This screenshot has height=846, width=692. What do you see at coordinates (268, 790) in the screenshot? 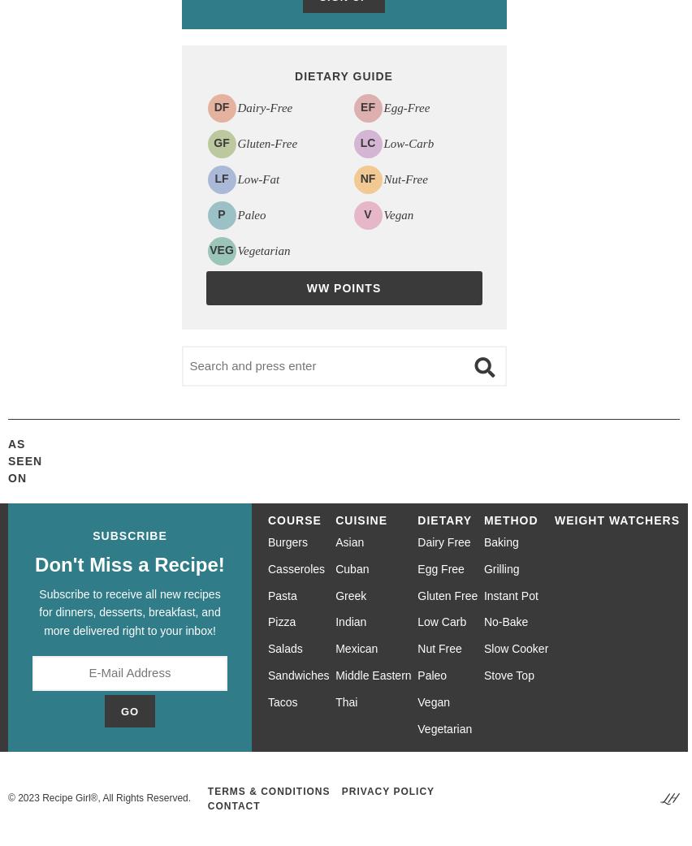
I see `'Terms & Conditions'` at bounding box center [268, 790].